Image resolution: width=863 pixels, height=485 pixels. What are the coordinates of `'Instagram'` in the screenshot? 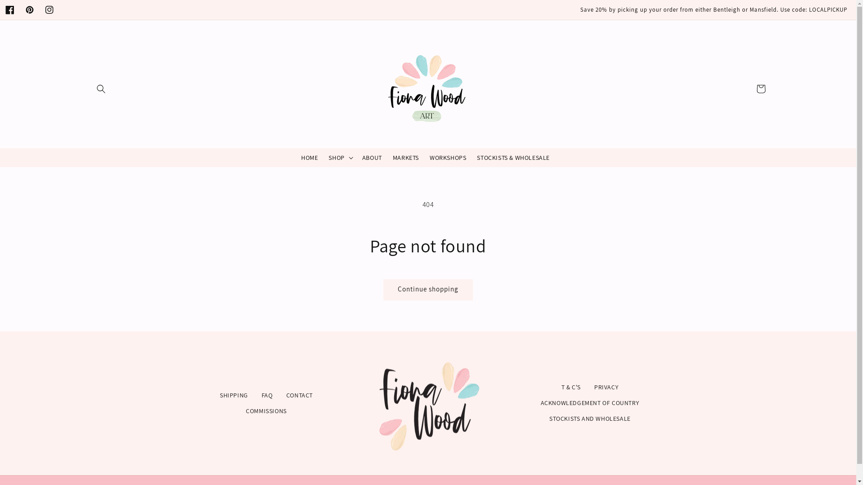 It's located at (39, 10).